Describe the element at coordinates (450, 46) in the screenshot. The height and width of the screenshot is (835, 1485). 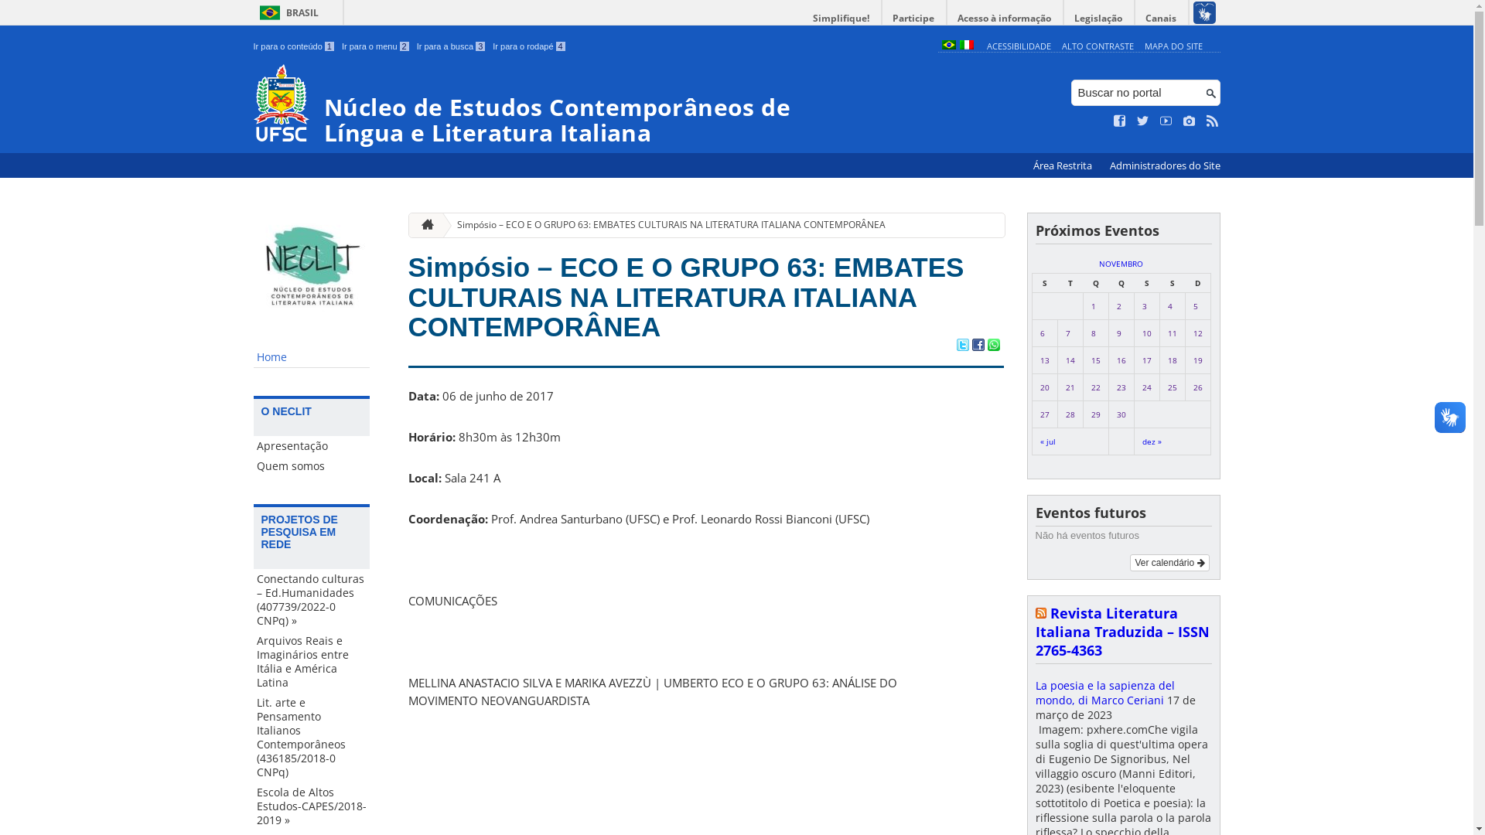
I see `'Ir para a busca 3'` at that location.